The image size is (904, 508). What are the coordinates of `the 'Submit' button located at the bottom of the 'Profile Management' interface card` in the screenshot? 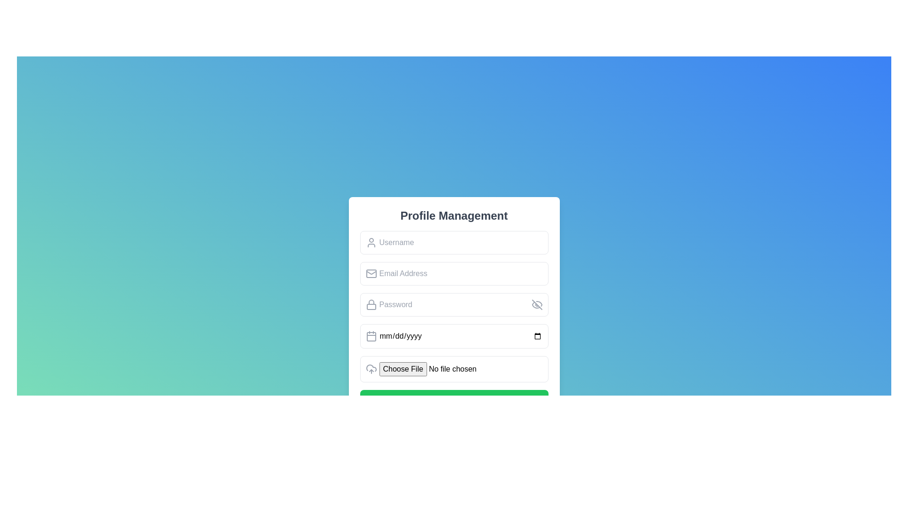 It's located at (454, 401).